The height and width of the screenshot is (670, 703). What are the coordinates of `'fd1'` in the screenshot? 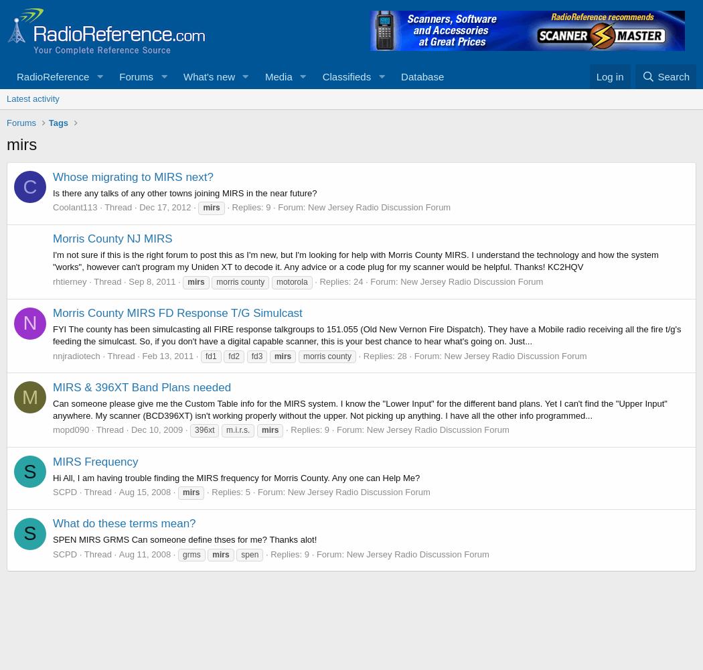 It's located at (211, 356).